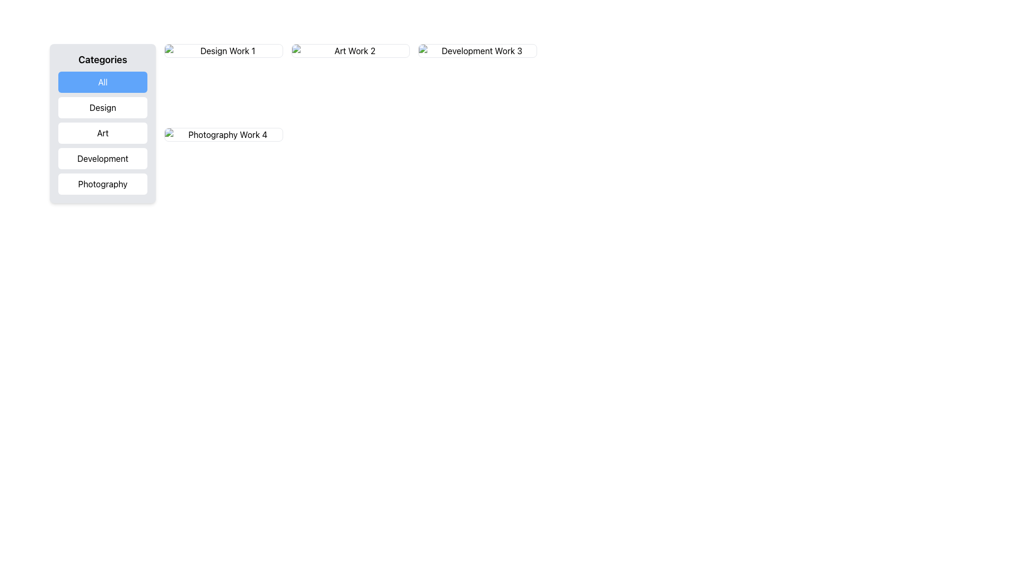 The height and width of the screenshot is (573, 1018). Describe the element at coordinates (102, 159) in the screenshot. I see `the 'Development' button, which is the fourth button in the sidebar labeled 'Categories'` at that location.